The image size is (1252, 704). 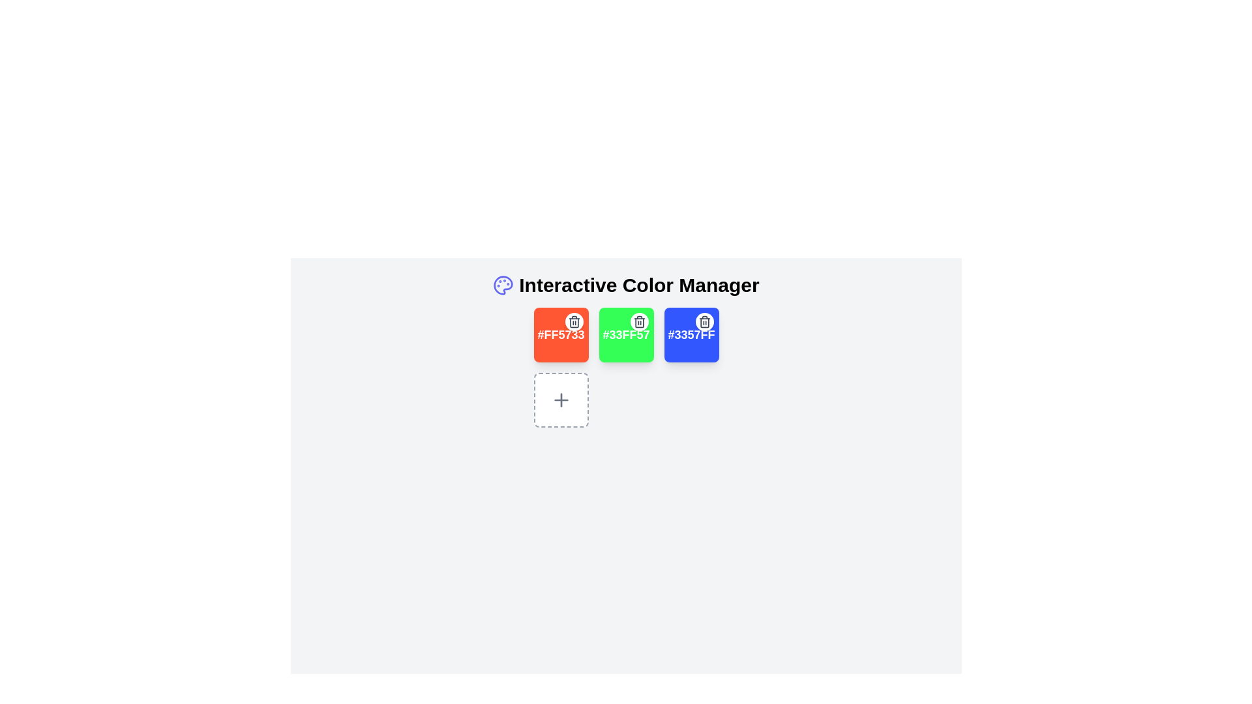 What do you see at coordinates (639, 321) in the screenshot?
I see `the delete button located at the top-right corner inside the green card labeled '#33FF57'` at bounding box center [639, 321].